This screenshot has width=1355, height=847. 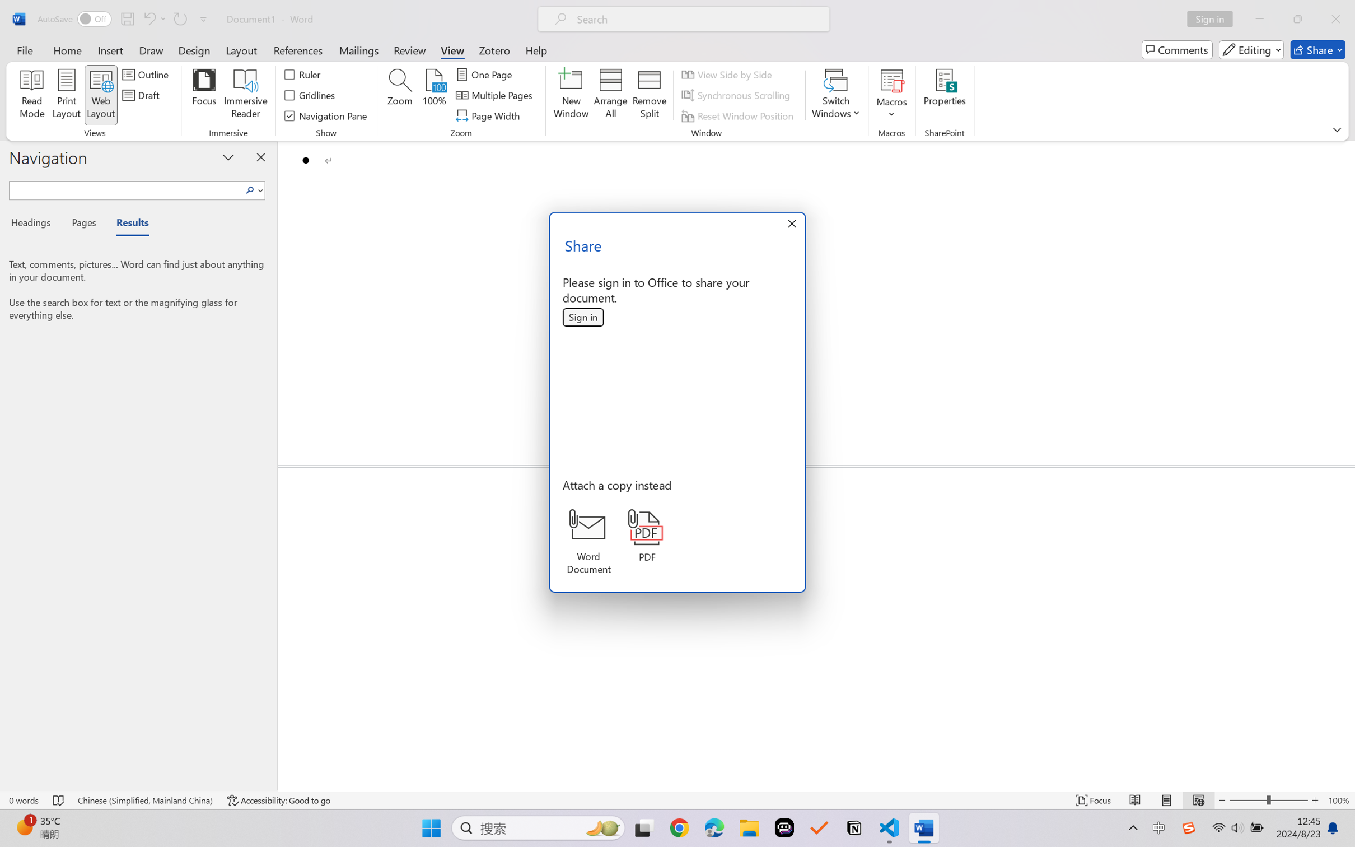 What do you see at coordinates (835, 95) in the screenshot?
I see `'Switch Windows'` at bounding box center [835, 95].